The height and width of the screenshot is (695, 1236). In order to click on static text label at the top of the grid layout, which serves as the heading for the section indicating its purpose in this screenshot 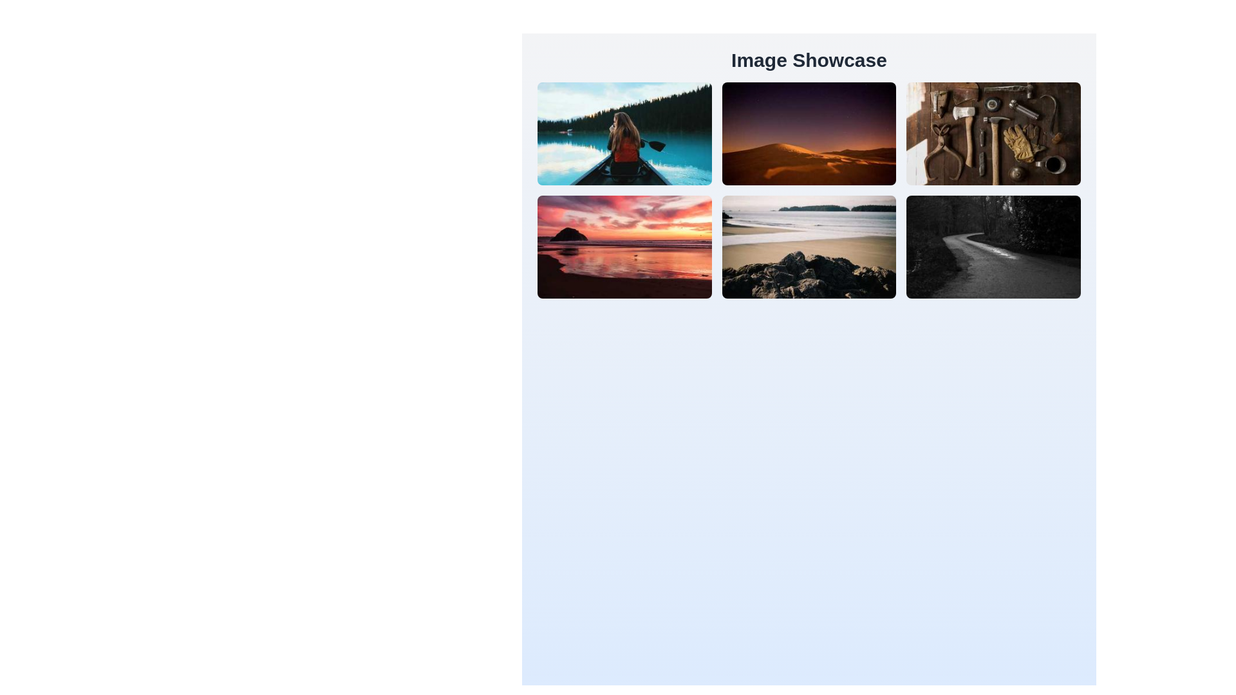, I will do `click(809, 60)`.